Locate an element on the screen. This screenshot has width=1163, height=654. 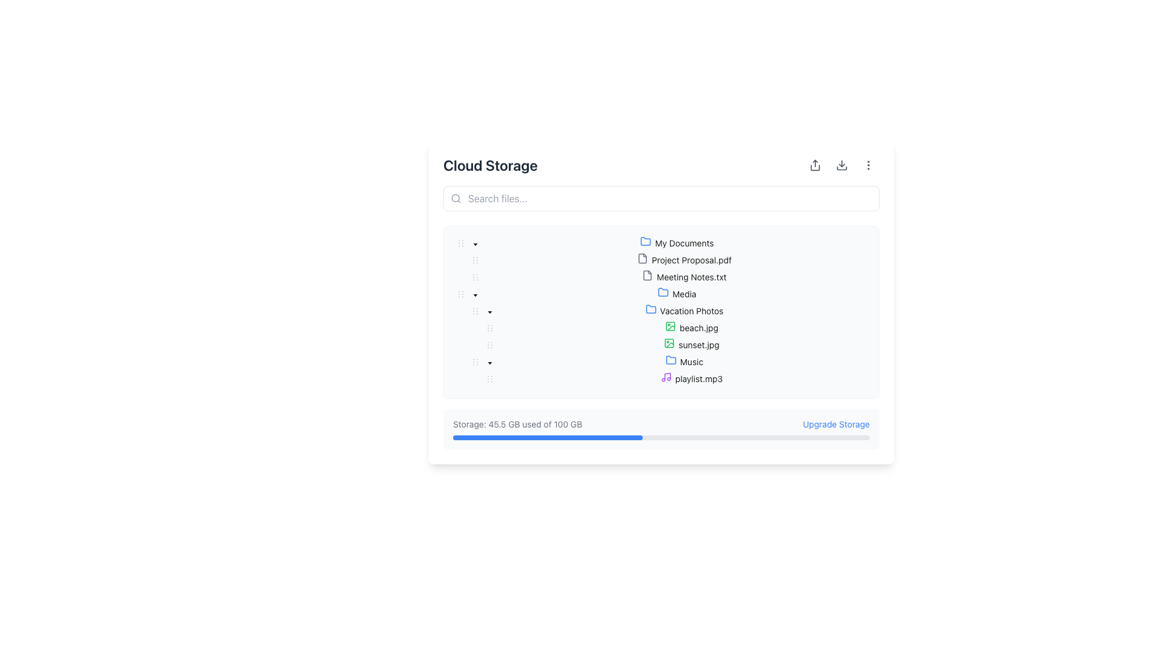
the cloud storage file icon representing 'Meeting Notes.txt' is located at coordinates (647, 276).